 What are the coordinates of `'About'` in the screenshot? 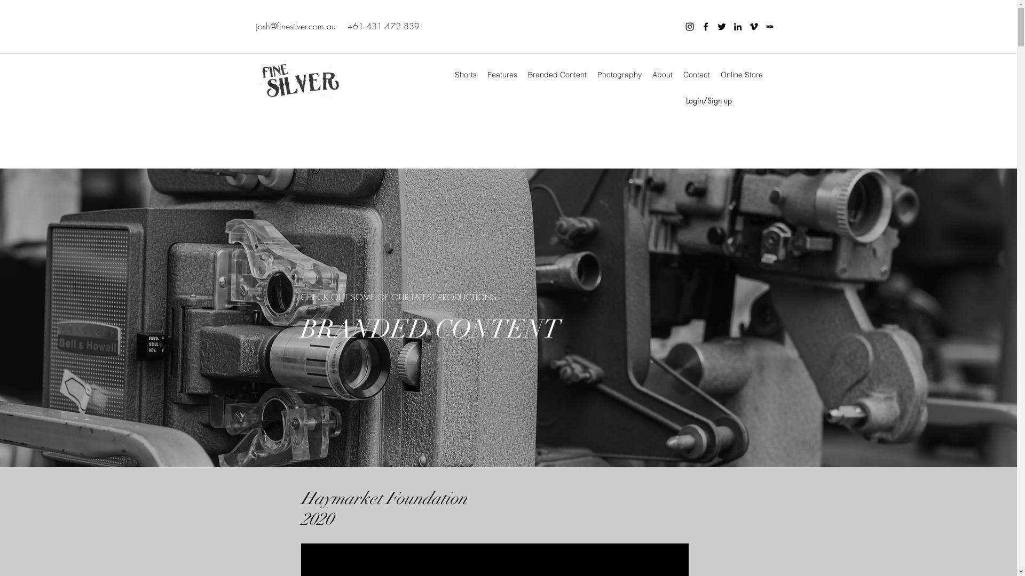 It's located at (646, 74).